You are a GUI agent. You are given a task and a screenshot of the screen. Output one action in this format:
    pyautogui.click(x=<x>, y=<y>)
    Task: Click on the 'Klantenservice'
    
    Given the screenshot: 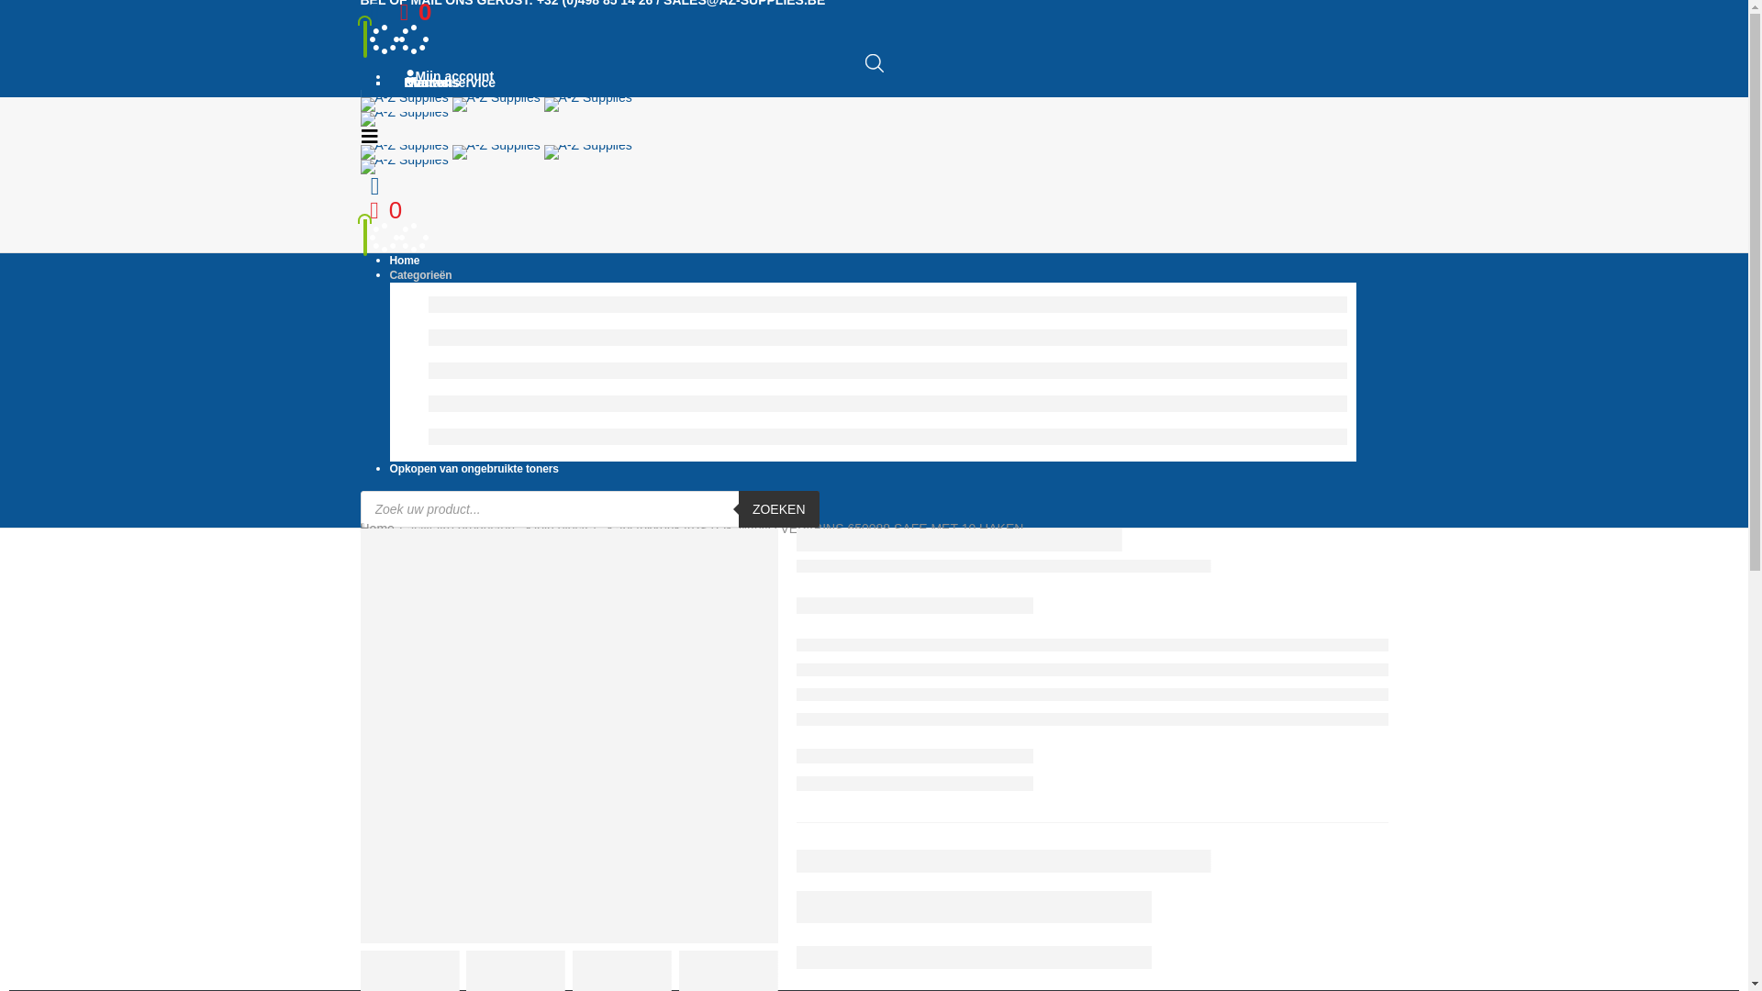 What is the action you would take?
    pyautogui.click(x=387, y=81)
    